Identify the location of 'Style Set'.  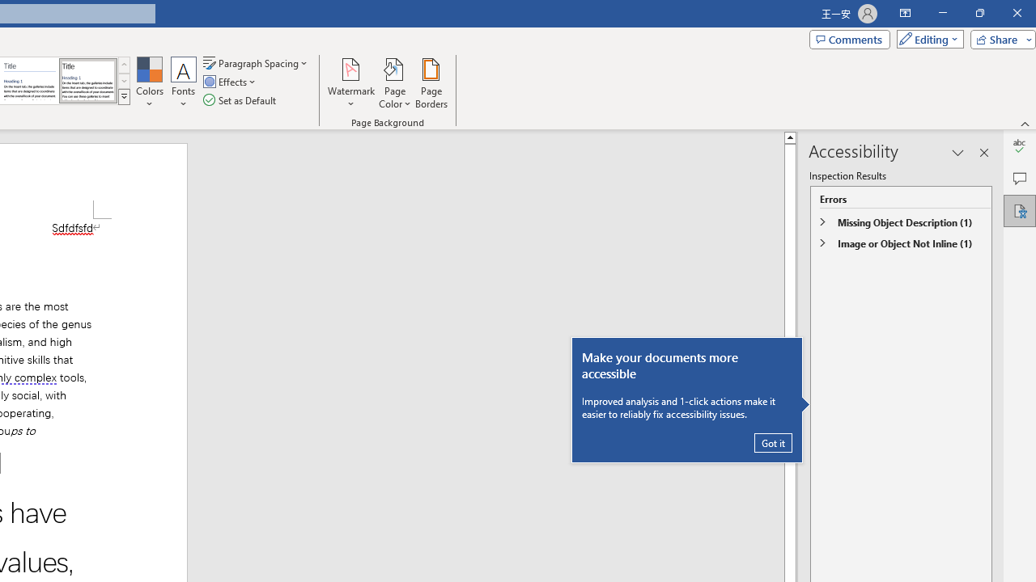
(123, 97).